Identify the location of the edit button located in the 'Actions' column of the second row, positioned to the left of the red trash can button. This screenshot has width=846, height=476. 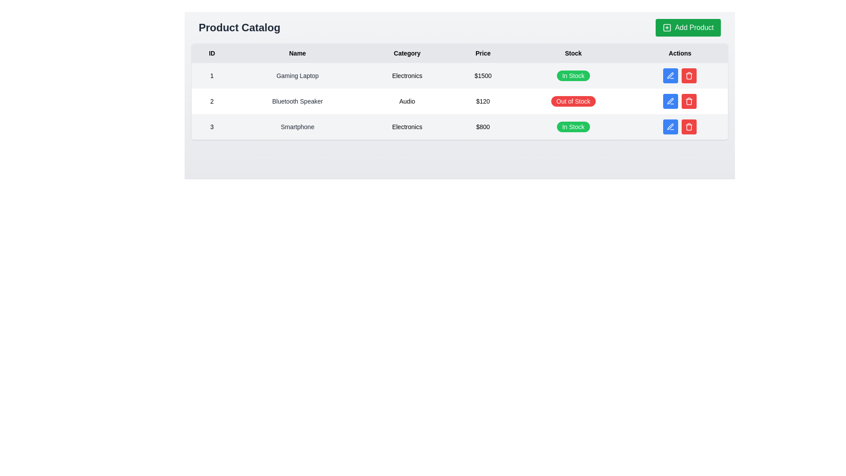
(670, 101).